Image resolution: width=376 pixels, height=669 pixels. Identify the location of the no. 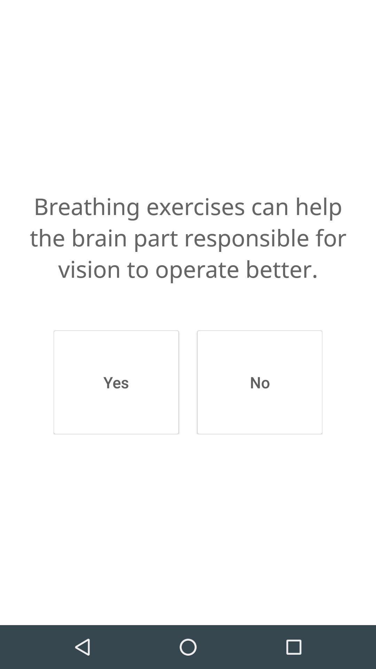
(260, 382).